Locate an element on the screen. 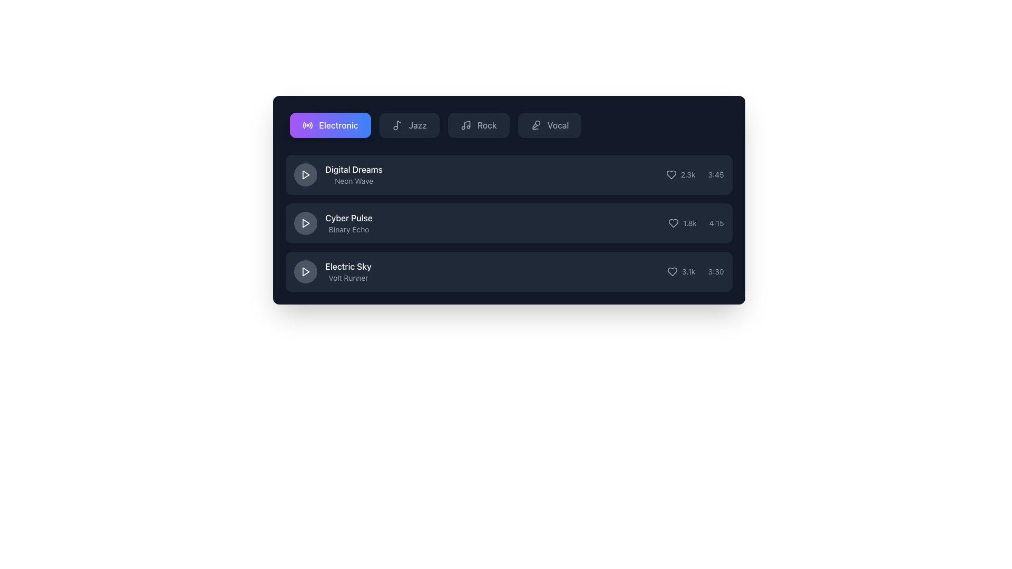  displayed metadata from the list item titled 'Electric Sky' with a dark-gray background and play button is located at coordinates (509, 271).